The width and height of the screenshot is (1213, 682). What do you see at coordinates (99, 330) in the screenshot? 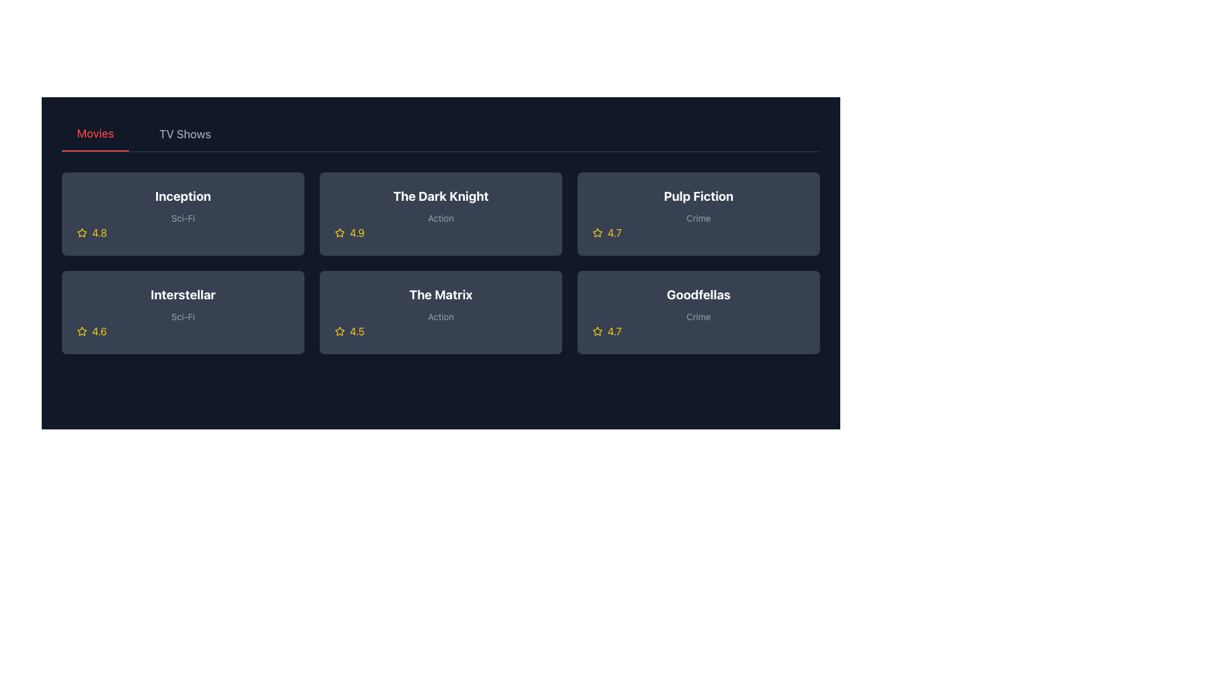
I see `rating value displayed as a numeric text '4.6' in yellow font, located in the bottom-left corner of the 'Interstellar' movie card next to the star icon` at bounding box center [99, 330].